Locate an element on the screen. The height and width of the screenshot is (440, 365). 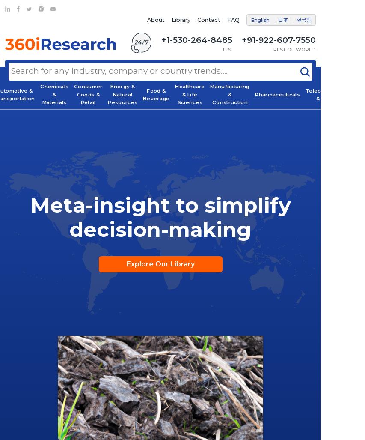
'FAQ' is located at coordinates (233, 19).